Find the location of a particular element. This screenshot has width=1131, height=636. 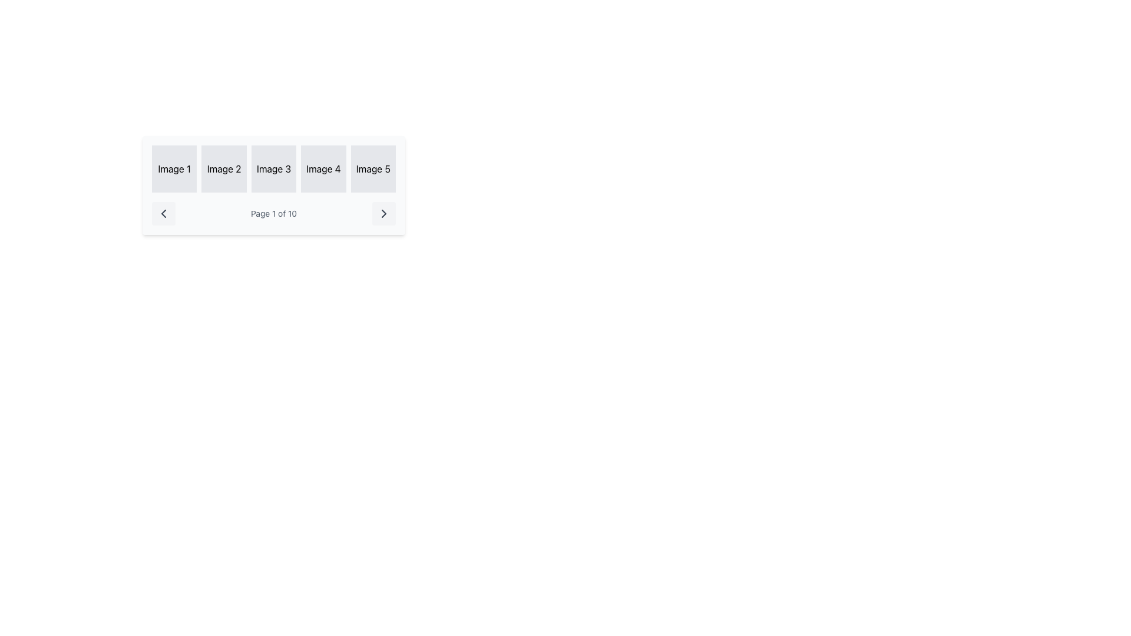

the leftmost button in the horizontal navigation bar is located at coordinates (163, 213).